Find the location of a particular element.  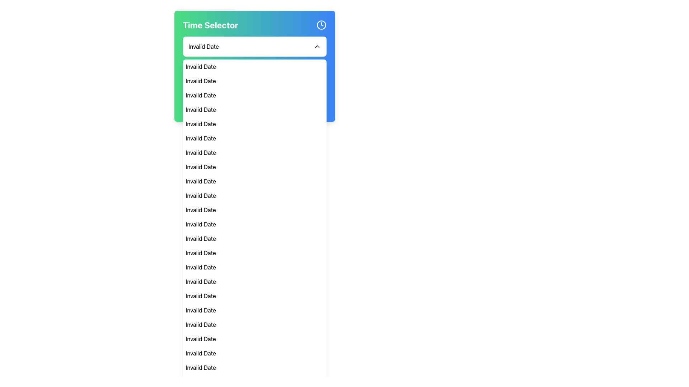

the fifth selectable date option in the dropdown menu to enable keyboard interaction is located at coordinates (254, 124).